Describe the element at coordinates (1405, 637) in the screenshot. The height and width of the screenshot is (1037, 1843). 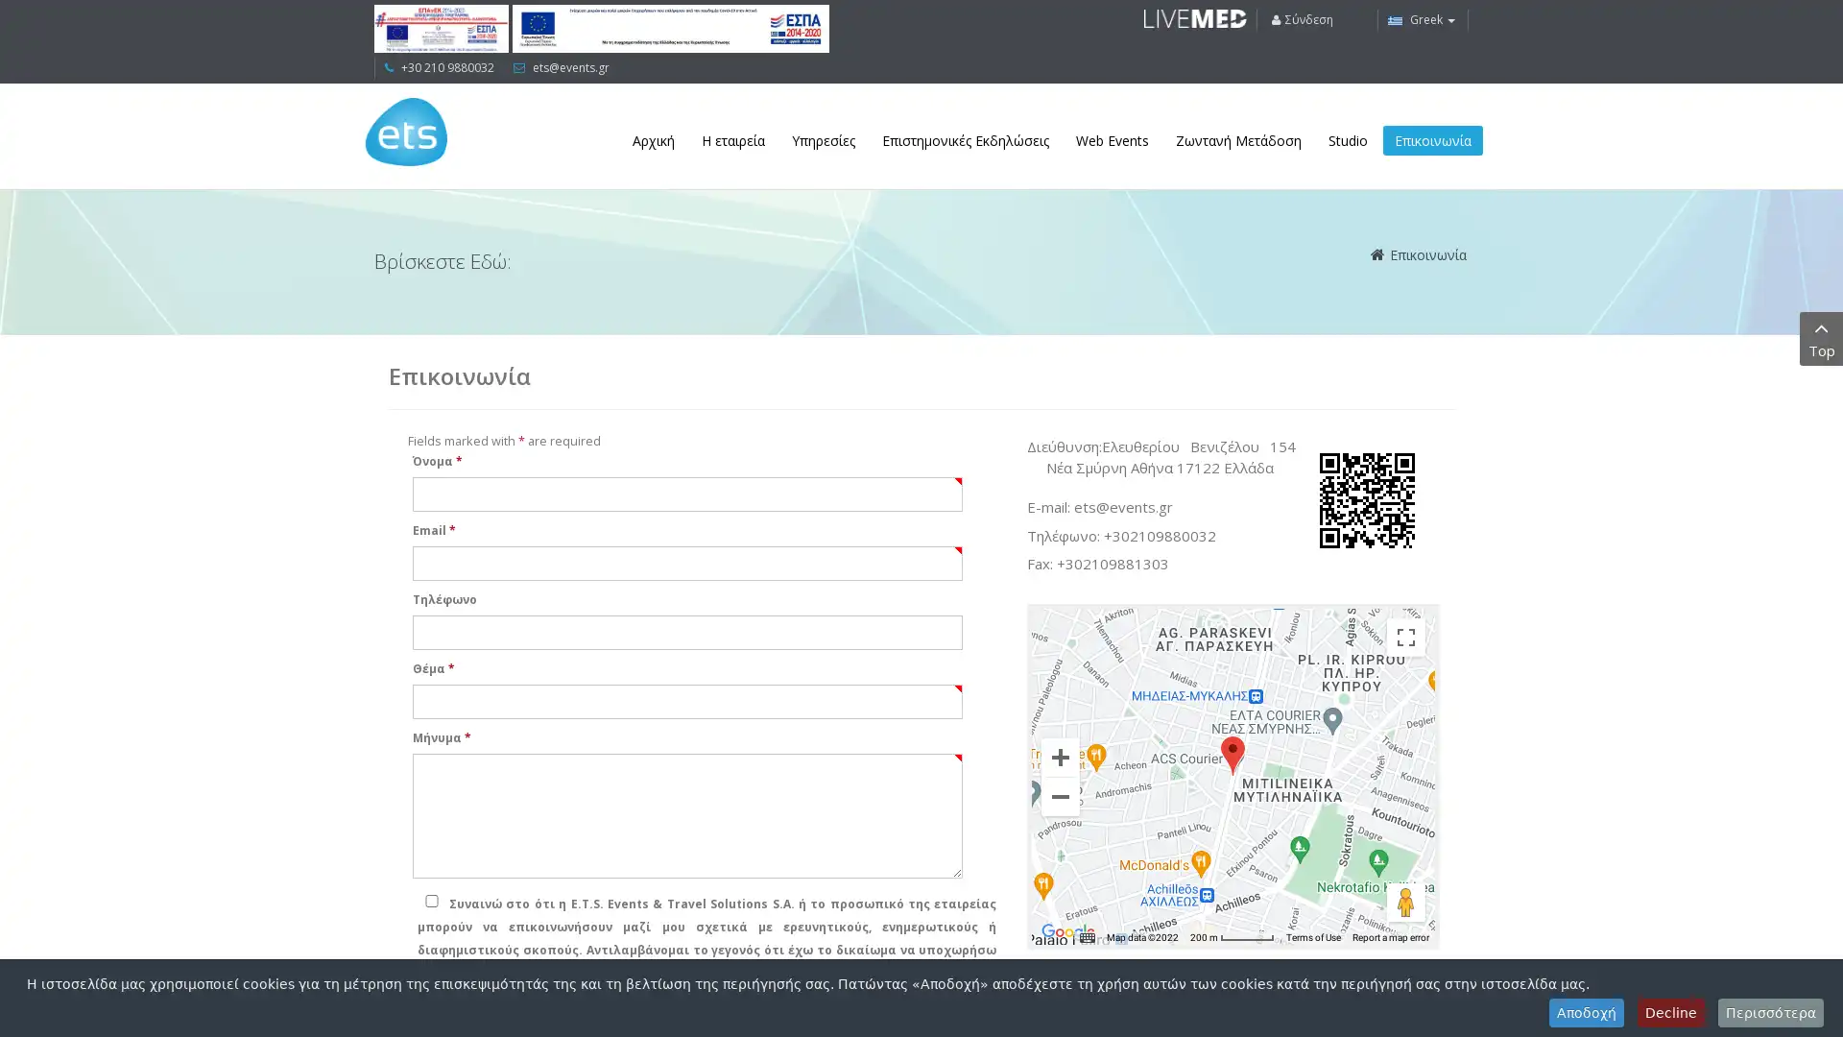
I see `Toggle fullscreen view` at that location.